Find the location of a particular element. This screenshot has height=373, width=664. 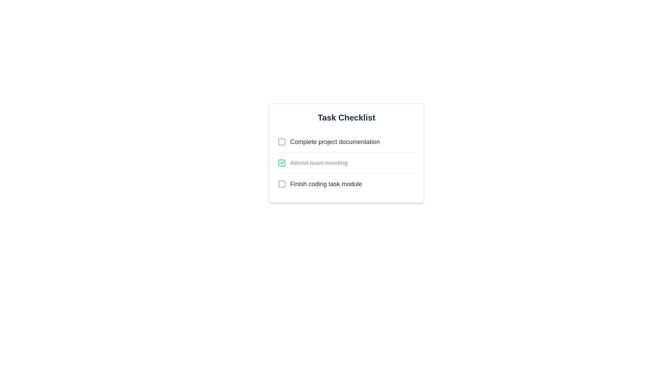

the first checklist item labeled 'Complete project documentation' is located at coordinates (347, 142).